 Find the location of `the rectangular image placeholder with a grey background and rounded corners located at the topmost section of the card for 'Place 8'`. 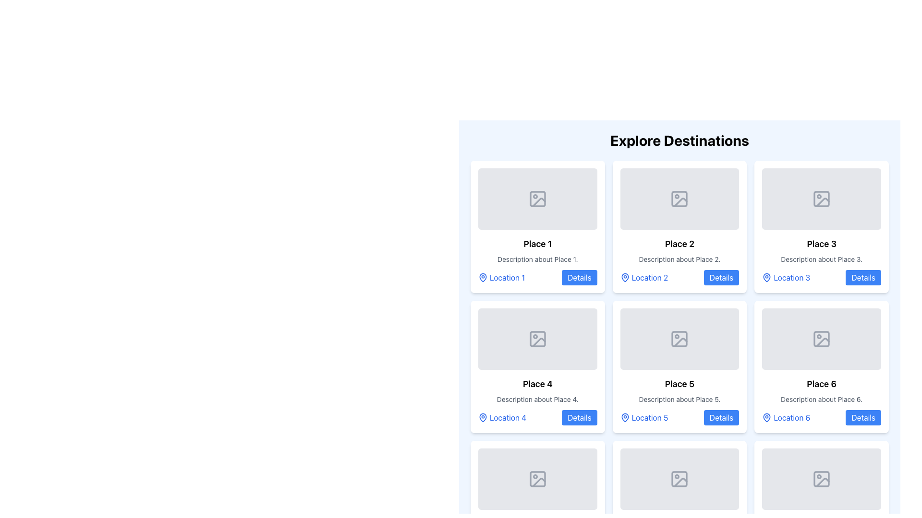

the rectangular image placeholder with a grey background and rounded corners located at the topmost section of the card for 'Place 8' is located at coordinates (679, 479).